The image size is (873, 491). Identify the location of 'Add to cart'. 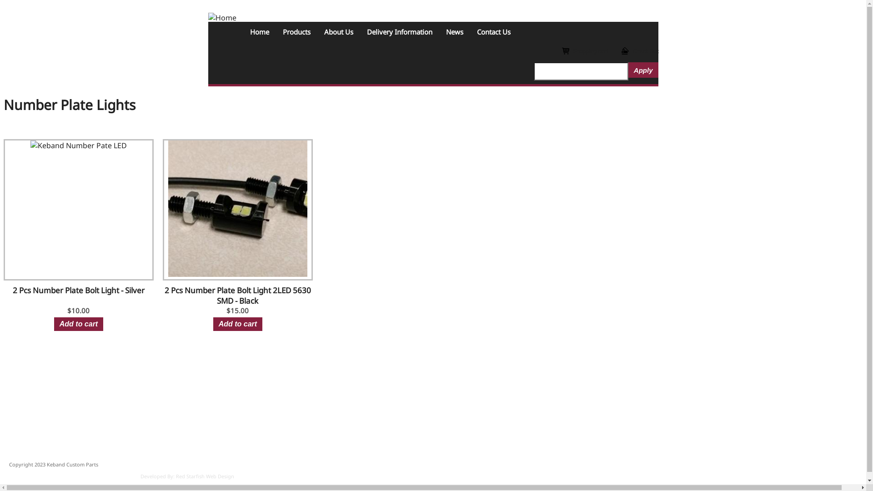
(54, 324).